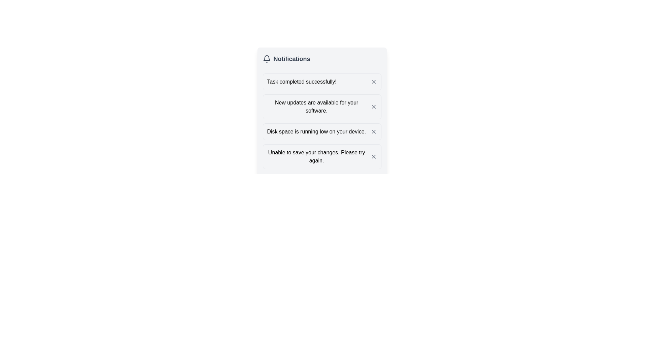 Image resolution: width=647 pixels, height=364 pixels. I want to click on message displayed in the second notification within the notification section, which is centrally aligned and styled as a card with a light blue background, so click(316, 106).